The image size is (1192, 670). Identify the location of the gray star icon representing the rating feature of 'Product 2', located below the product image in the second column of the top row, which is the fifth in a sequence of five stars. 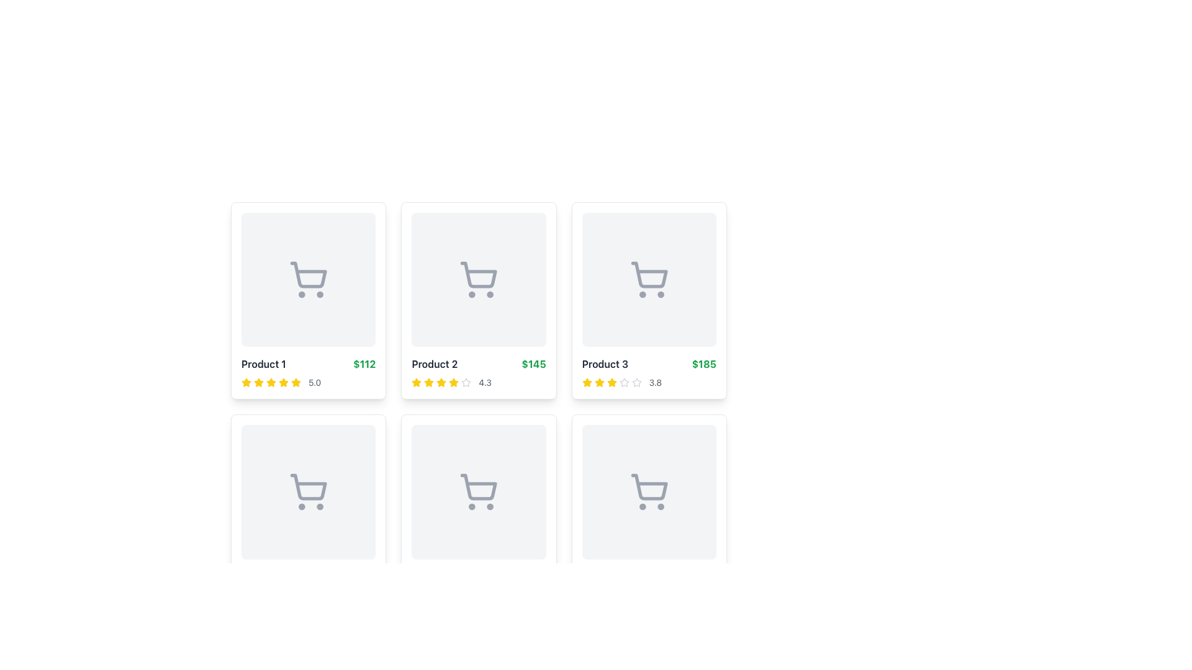
(466, 382).